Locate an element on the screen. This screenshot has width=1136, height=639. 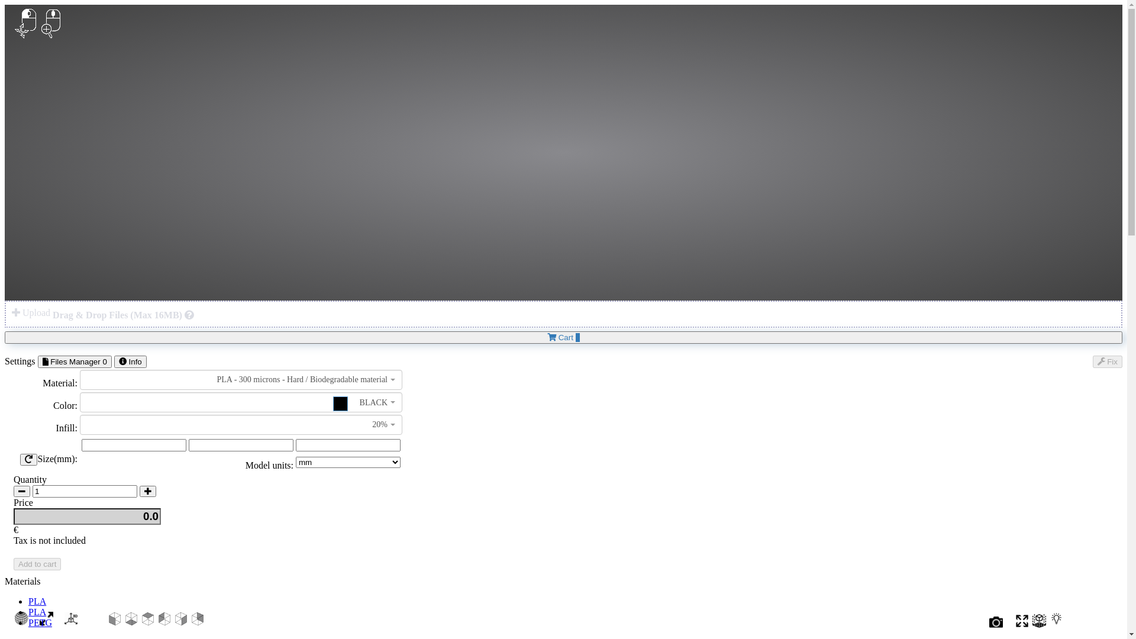
'Fullscreen' is located at coordinates (1021, 624).